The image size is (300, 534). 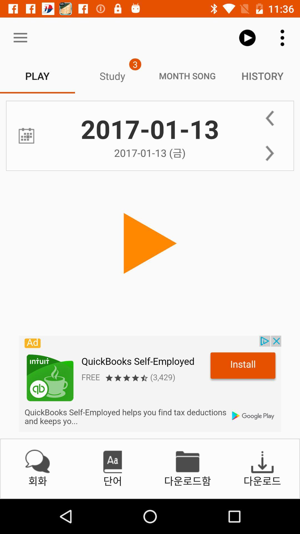 I want to click on play, so click(x=150, y=244).